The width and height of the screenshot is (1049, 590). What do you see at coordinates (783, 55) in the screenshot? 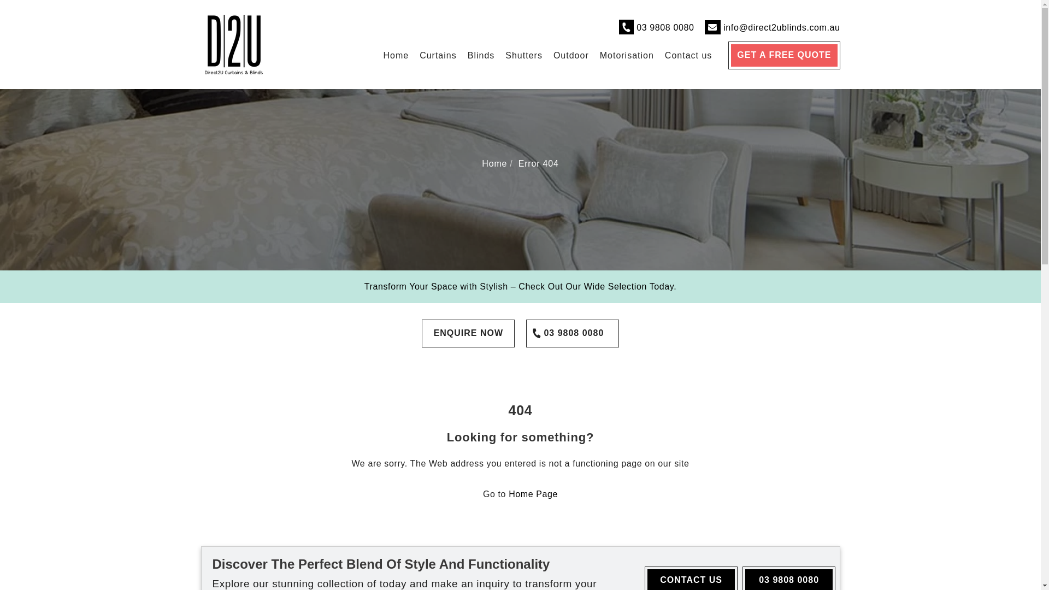
I see `'GET A FREE QUOTE'` at bounding box center [783, 55].